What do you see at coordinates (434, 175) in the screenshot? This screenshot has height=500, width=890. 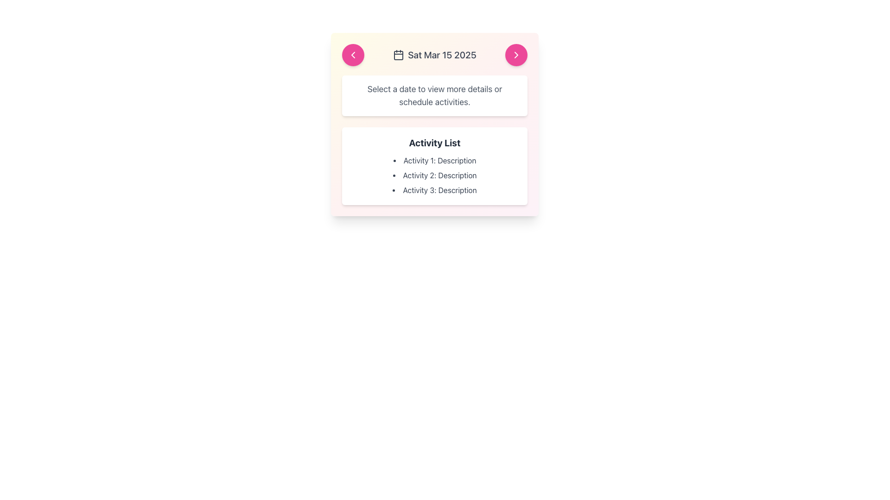 I see `the text label 'Activity 2: Description' which is the second item in a vertical list of activities, styled with a dark circular bullet point and displayed in a gray font` at bounding box center [434, 175].